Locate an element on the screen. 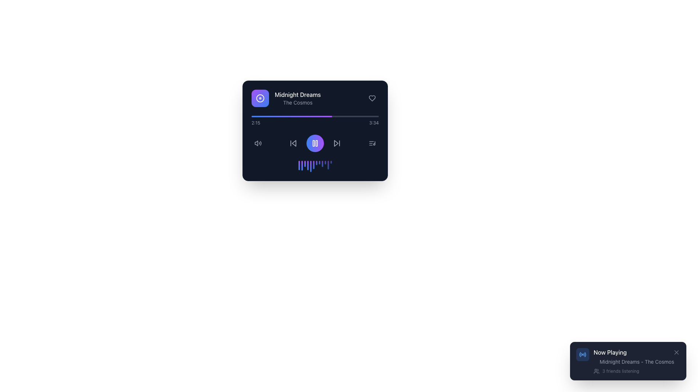 The width and height of the screenshot is (698, 392). the Text Label that displays the title of the currently playing media, positioned in the middle section of the 'Now Playing' widget, below the heading 'Now Playing' is located at coordinates (637, 362).